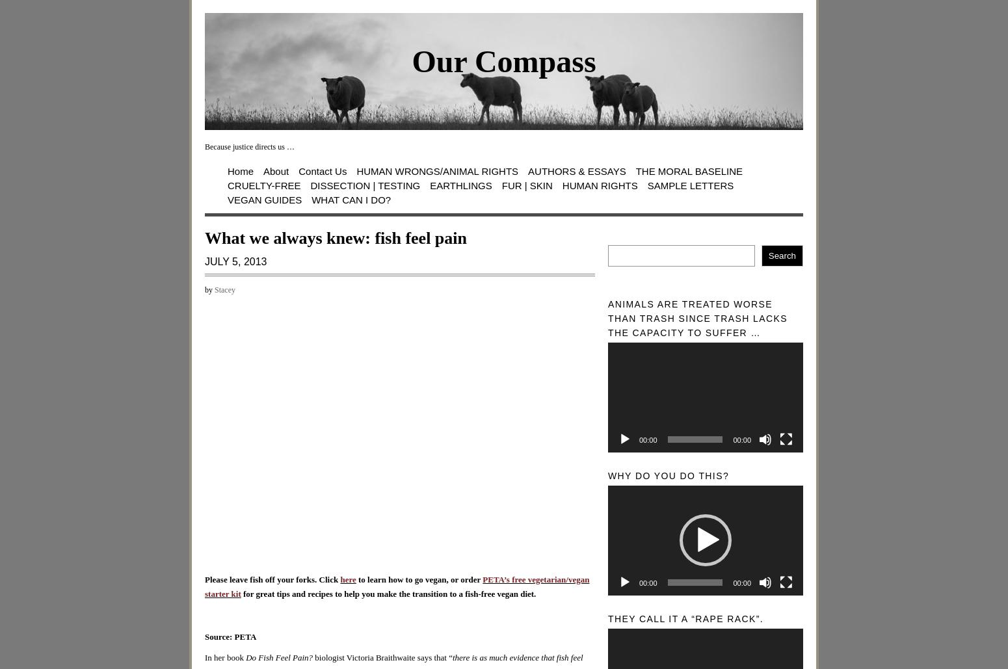  I want to click on 'Do Fish Feel Pain?', so click(279, 656).